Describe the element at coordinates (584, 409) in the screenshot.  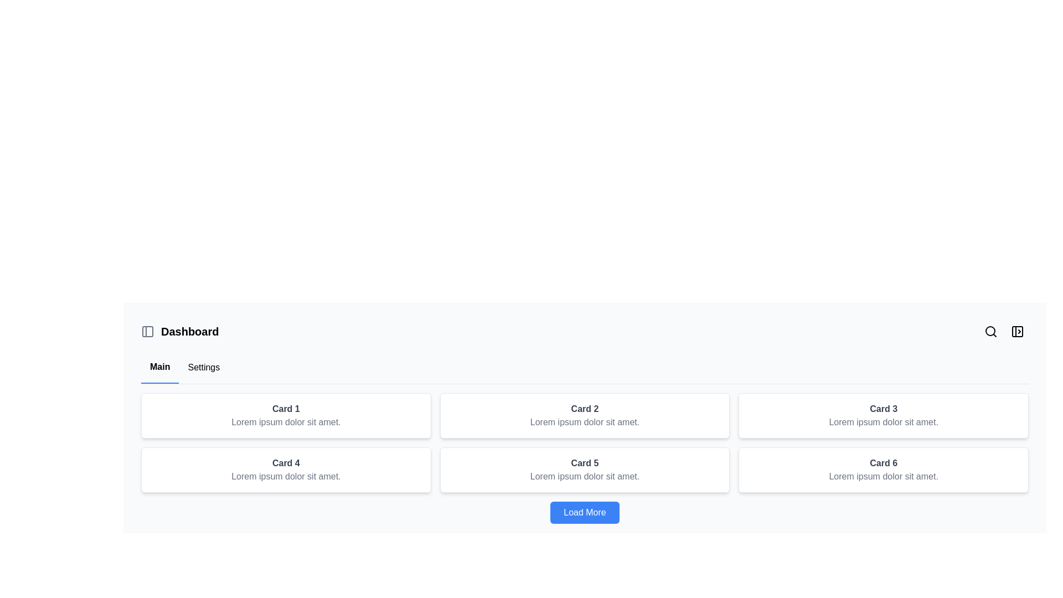
I see `the text label that serves as the title of the card, located in the top row, second column of a grid layout between 'Card 1' and 'Card 3'` at that location.